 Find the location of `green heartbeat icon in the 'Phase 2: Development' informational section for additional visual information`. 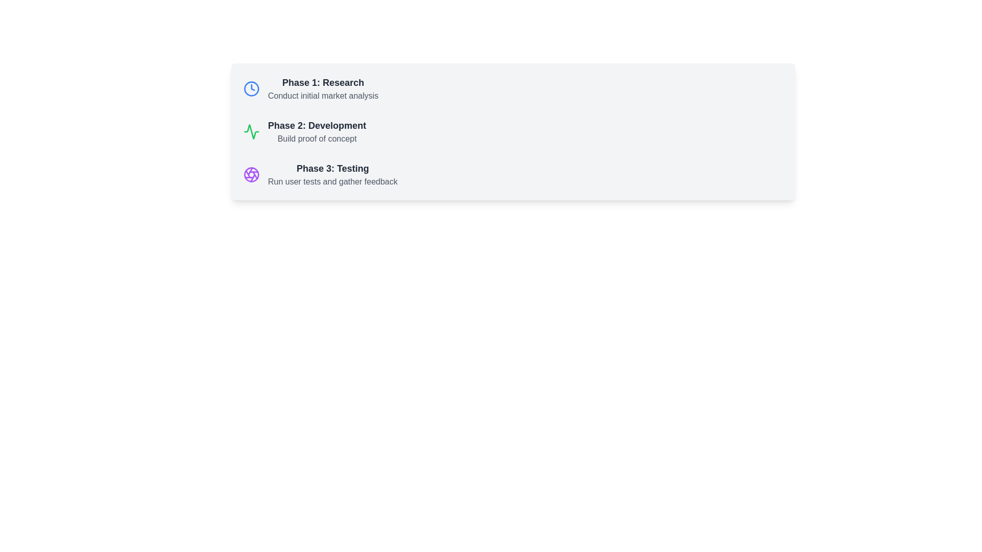

green heartbeat icon in the 'Phase 2: Development' informational section for additional visual information is located at coordinates (513, 131).